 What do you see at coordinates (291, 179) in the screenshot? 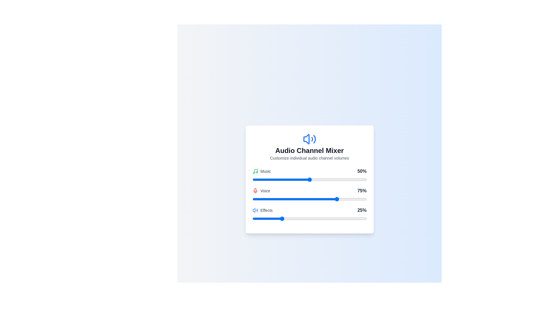
I see `music volume` at bounding box center [291, 179].